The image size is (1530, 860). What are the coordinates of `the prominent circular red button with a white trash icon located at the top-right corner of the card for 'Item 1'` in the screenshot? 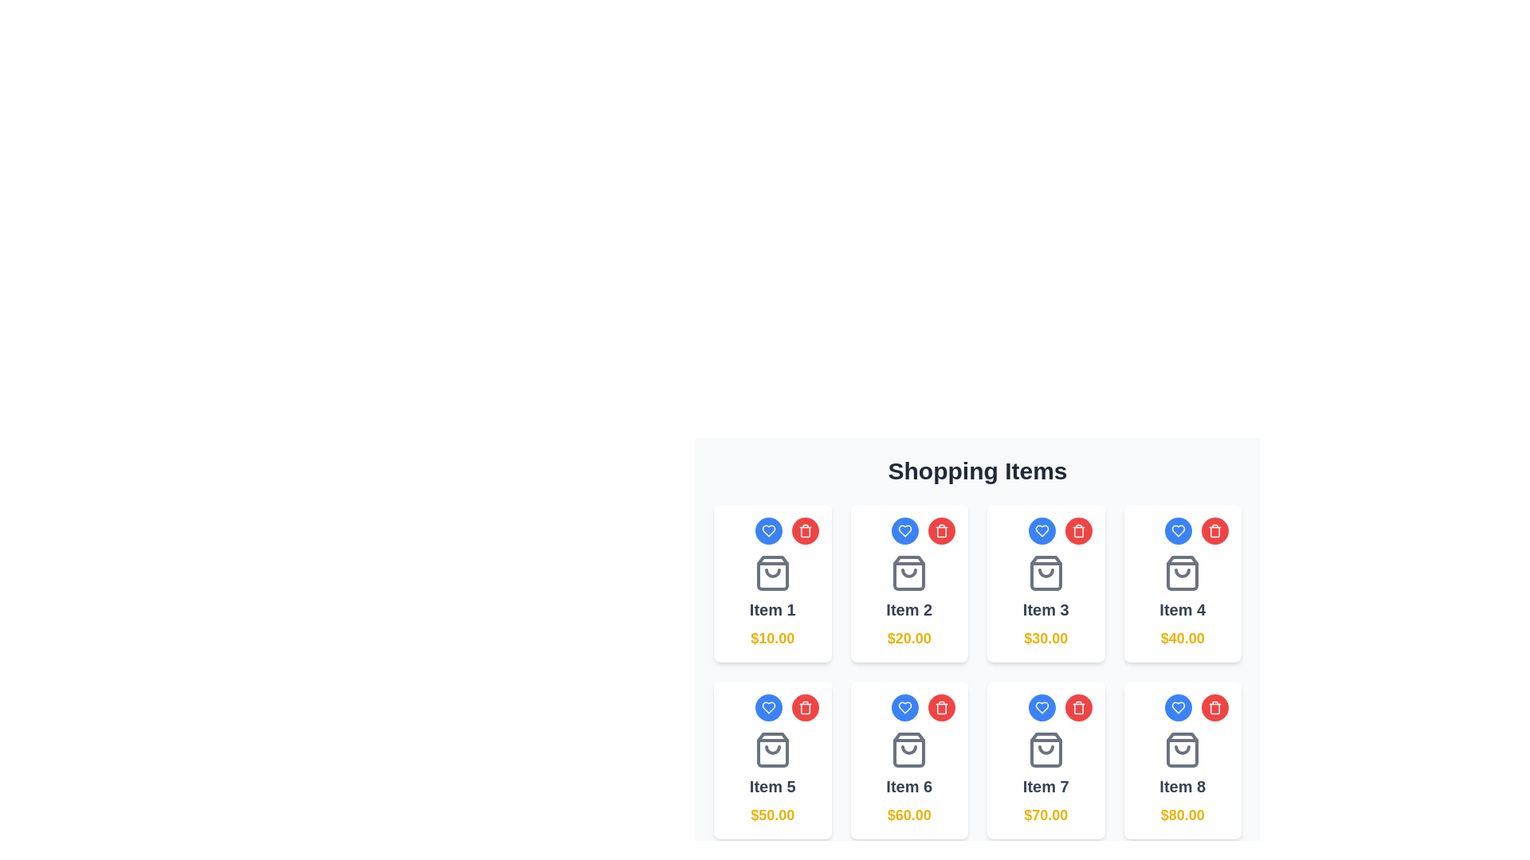 It's located at (805, 531).